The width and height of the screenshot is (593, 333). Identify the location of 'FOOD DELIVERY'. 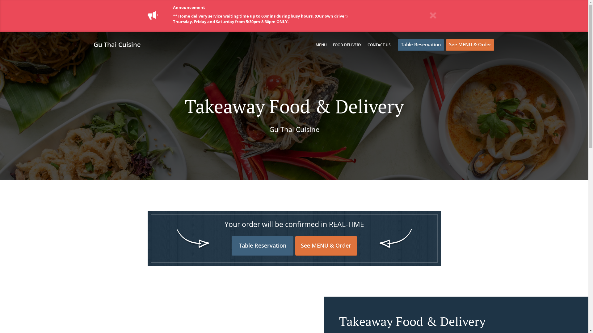
(347, 44).